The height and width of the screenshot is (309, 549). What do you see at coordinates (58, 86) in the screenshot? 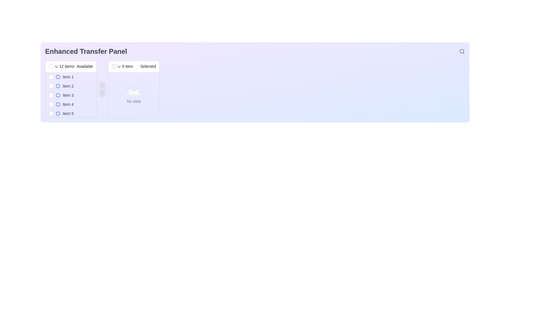
I see `the icon positioned` at bounding box center [58, 86].